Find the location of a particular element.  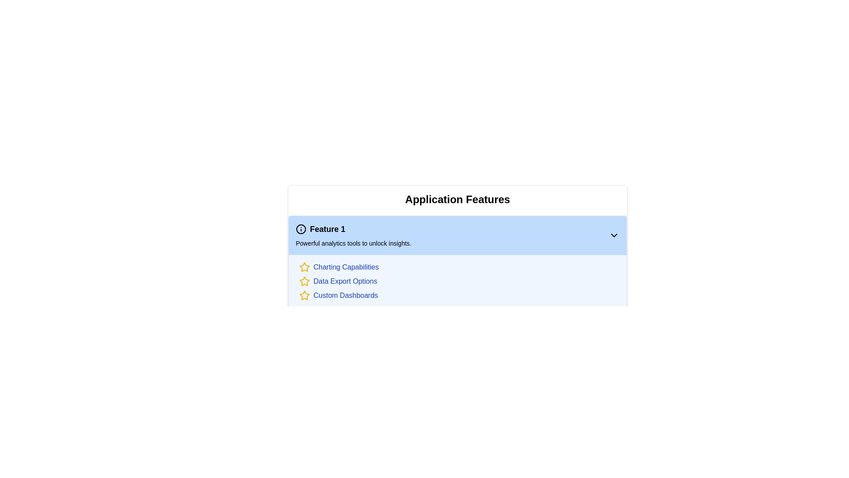

the text label providing details about 'Feature 1', which is located directly under the heading 'Feature 1' on a light blue background is located at coordinates (353, 243).